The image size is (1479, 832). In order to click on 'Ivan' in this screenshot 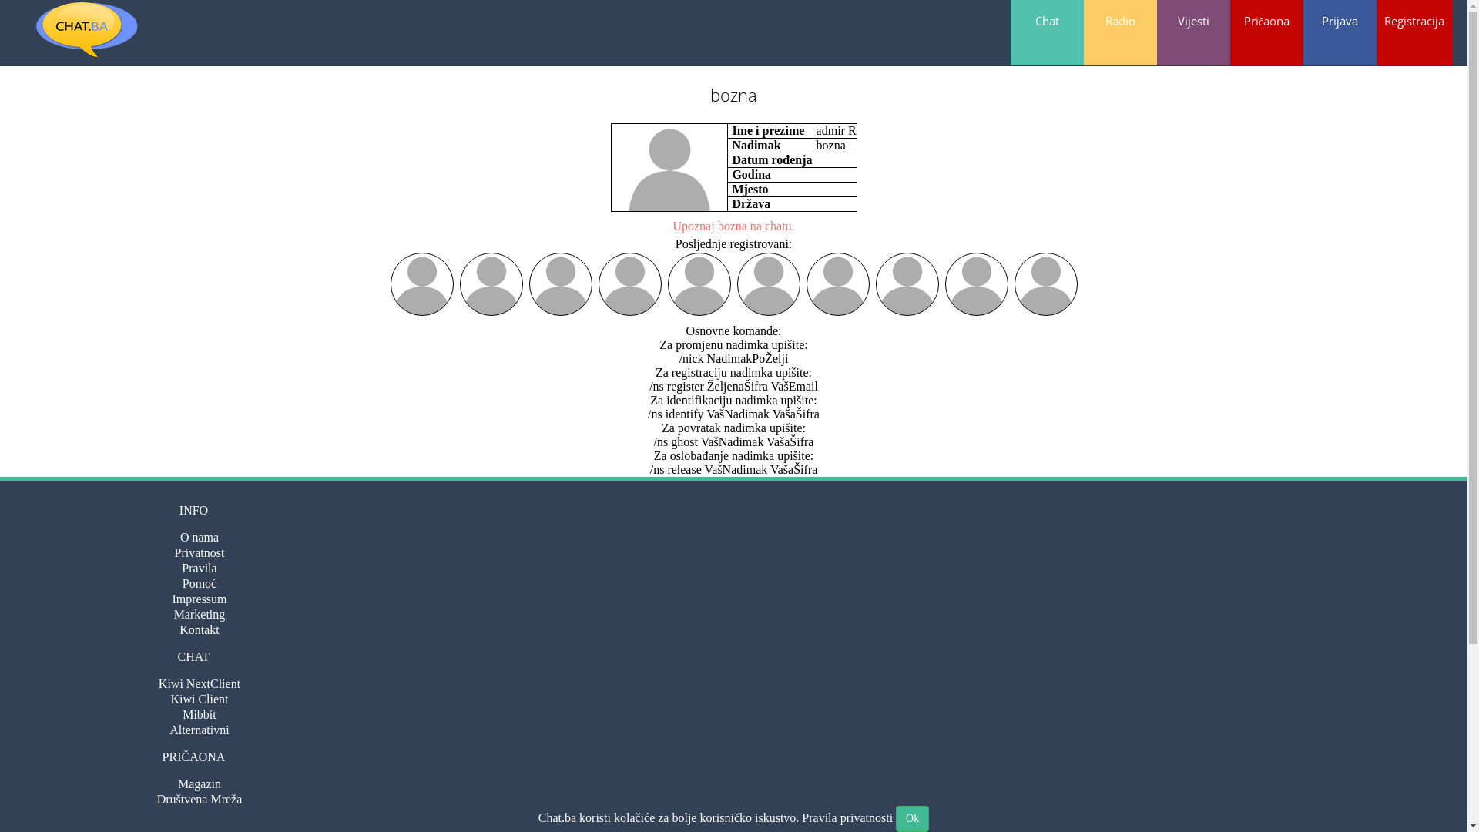, I will do `click(490, 284)`.